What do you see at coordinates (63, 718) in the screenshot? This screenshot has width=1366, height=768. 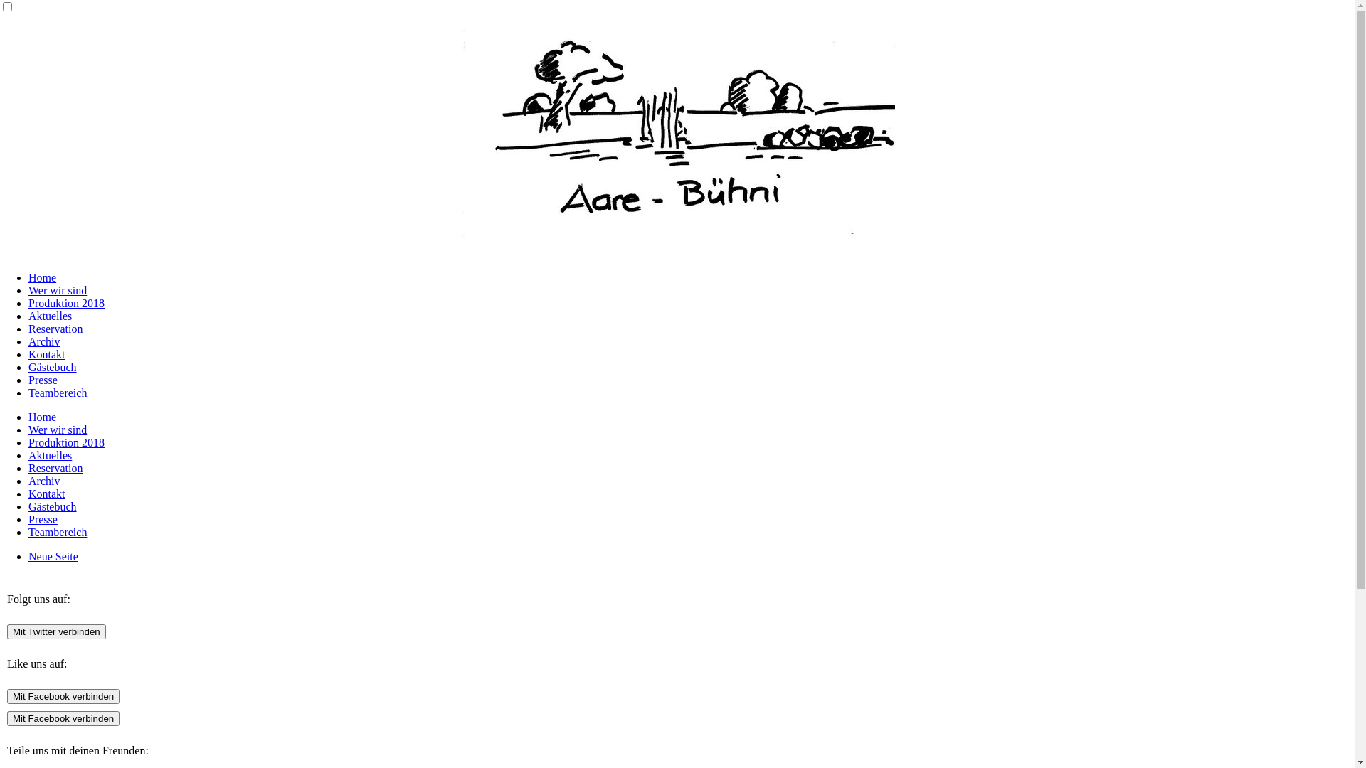 I see `'Mit Facebook verbinden'` at bounding box center [63, 718].